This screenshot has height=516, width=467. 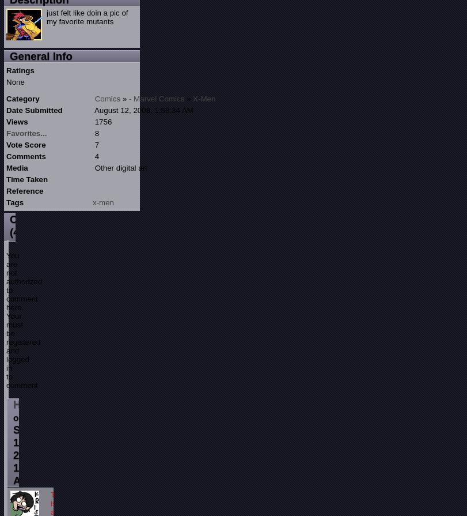 What do you see at coordinates (6, 144) in the screenshot?
I see `'Vote Score'` at bounding box center [6, 144].